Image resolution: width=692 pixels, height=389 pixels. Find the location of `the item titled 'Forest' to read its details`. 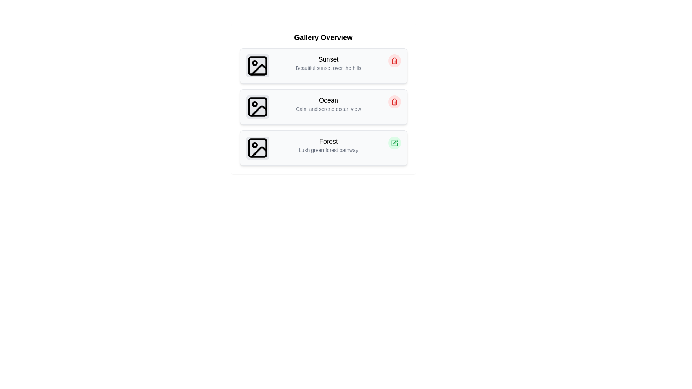

the item titled 'Forest' to read its details is located at coordinates (323, 148).